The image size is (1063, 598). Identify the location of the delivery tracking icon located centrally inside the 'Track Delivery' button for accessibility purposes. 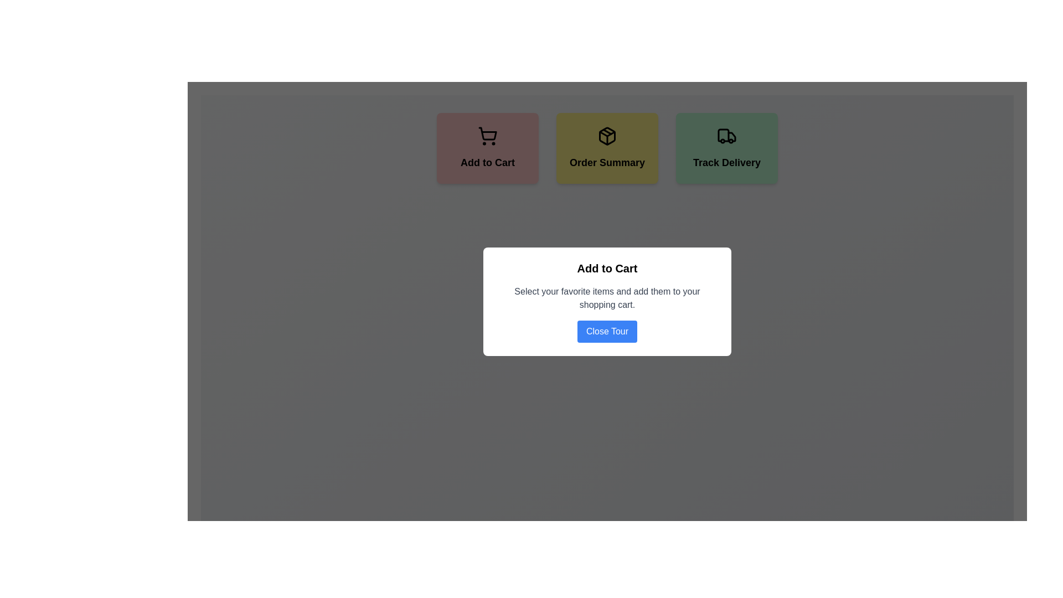
(727, 136).